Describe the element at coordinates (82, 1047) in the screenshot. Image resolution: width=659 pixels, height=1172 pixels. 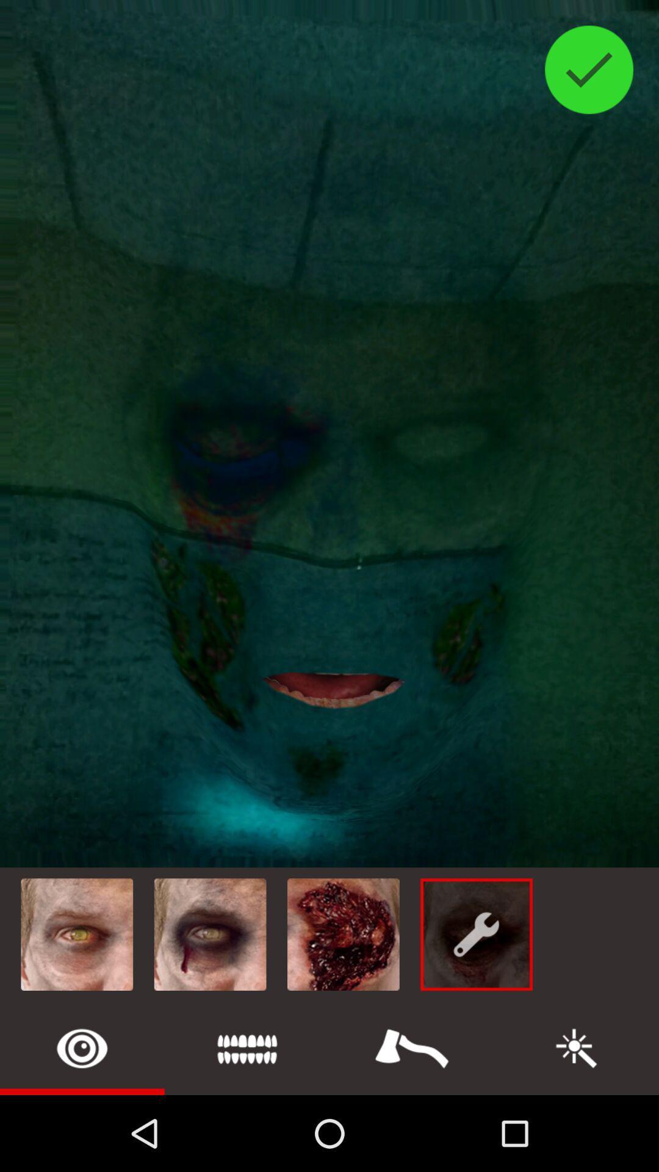
I see `eye style` at that location.